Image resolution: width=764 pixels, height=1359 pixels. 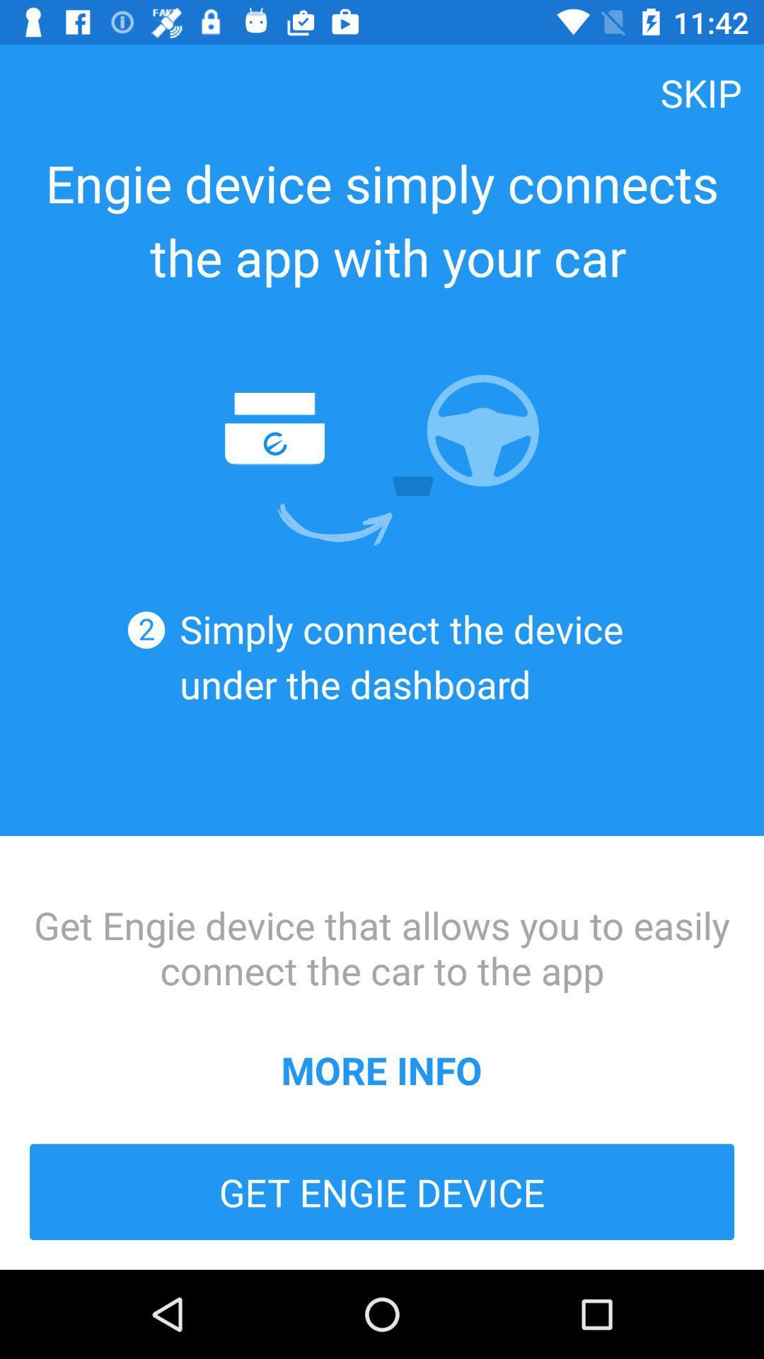 What do you see at coordinates (701, 91) in the screenshot?
I see `item above the engie device simply icon` at bounding box center [701, 91].